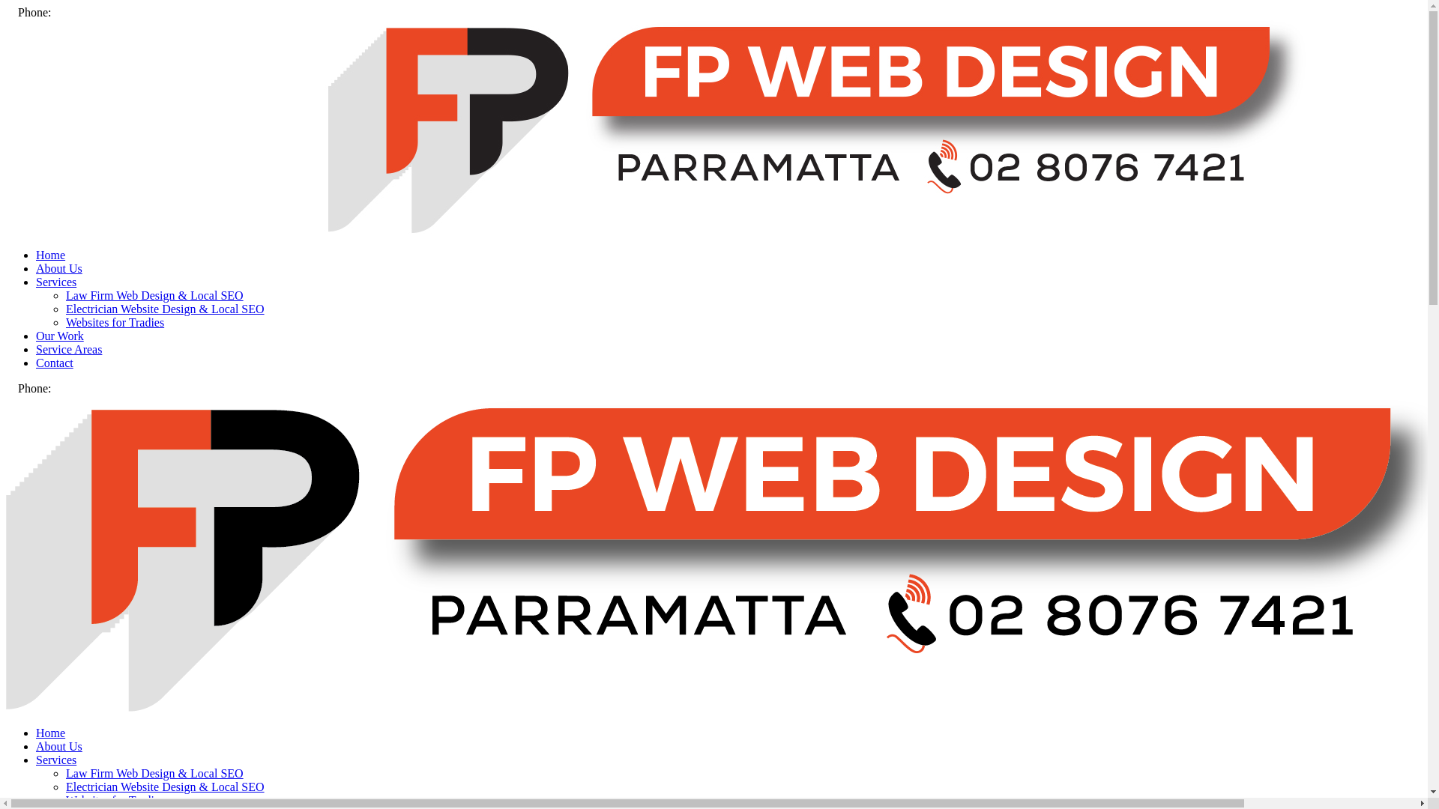 This screenshot has height=809, width=1439. I want to click on 'Our Work', so click(36, 335).